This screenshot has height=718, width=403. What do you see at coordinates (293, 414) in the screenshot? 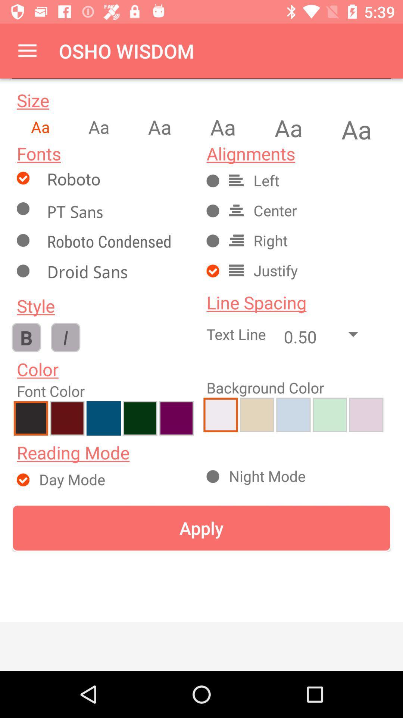
I see `change background color to blue` at bounding box center [293, 414].